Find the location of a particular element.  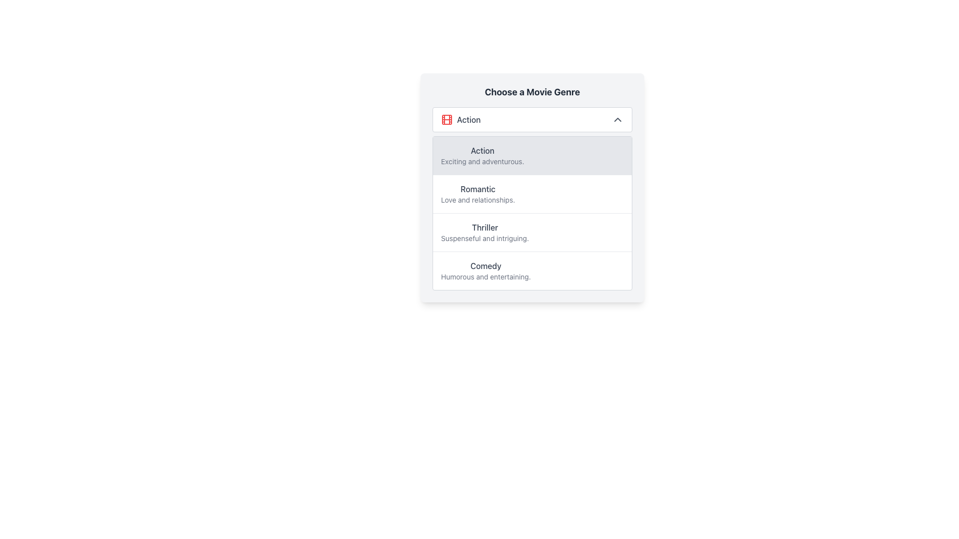

to select the 'Action' menu option in the dropdown labeled 'Choose a Movie Genre' is located at coordinates (482, 156).